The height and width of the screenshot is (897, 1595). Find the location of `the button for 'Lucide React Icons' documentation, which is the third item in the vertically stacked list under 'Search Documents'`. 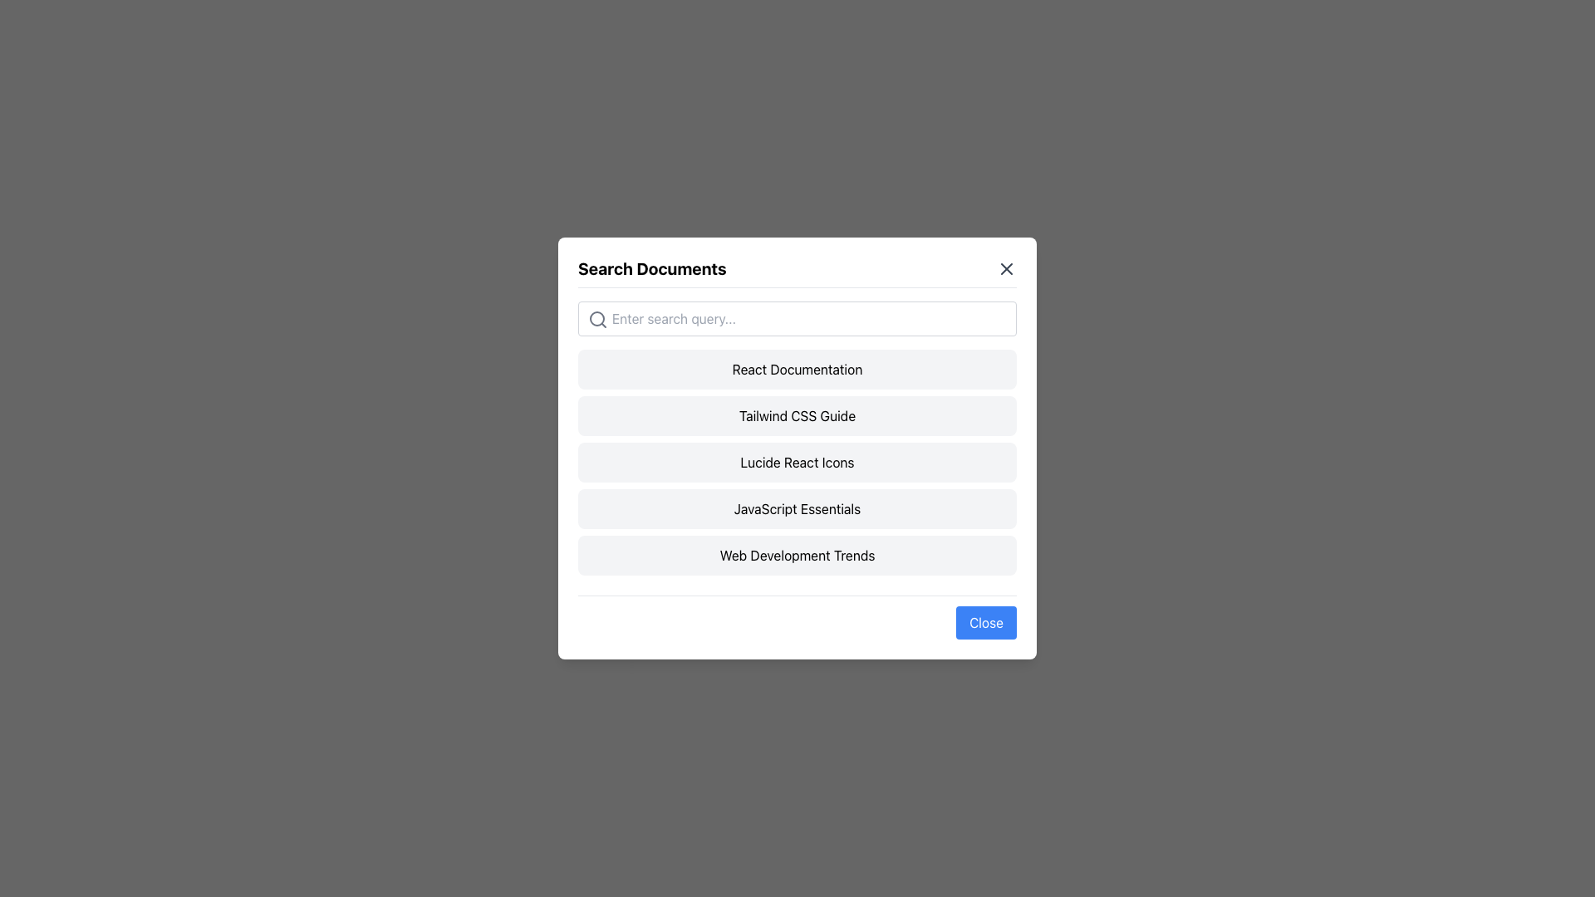

the button for 'Lucide React Icons' documentation, which is the third item in the vertically stacked list under 'Search Documents' is located at coordinates (797, 462).